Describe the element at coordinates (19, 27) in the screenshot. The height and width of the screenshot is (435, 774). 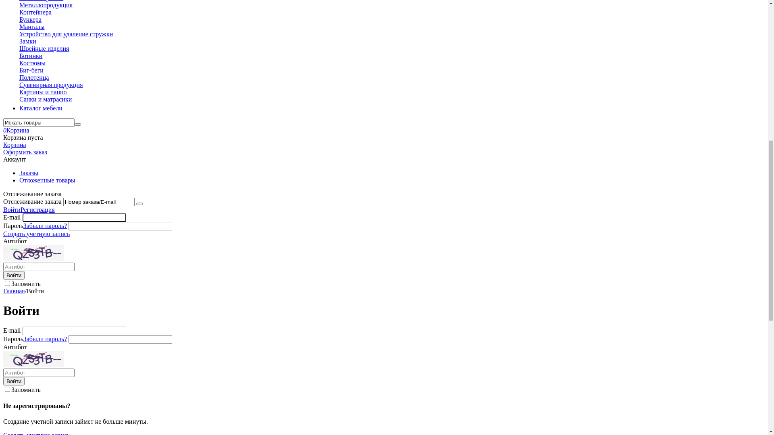
I see `'(Br)'` at that location.